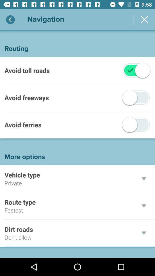 The width and height of the screenshot is (155, 276). I want to click on the button which is next to avoid freeways, so click(136, 97).